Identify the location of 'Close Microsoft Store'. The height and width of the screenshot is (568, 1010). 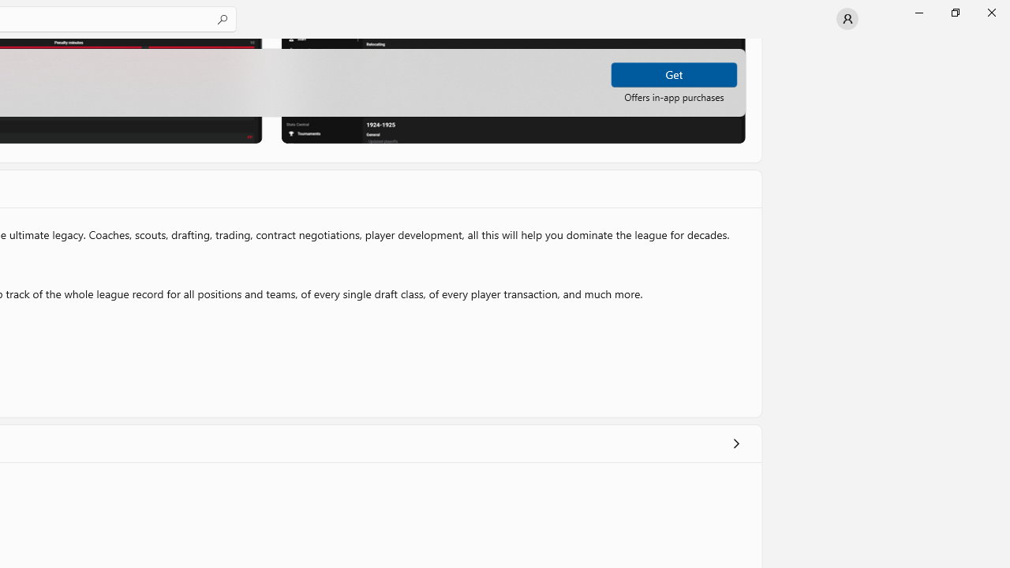
(990, 12).